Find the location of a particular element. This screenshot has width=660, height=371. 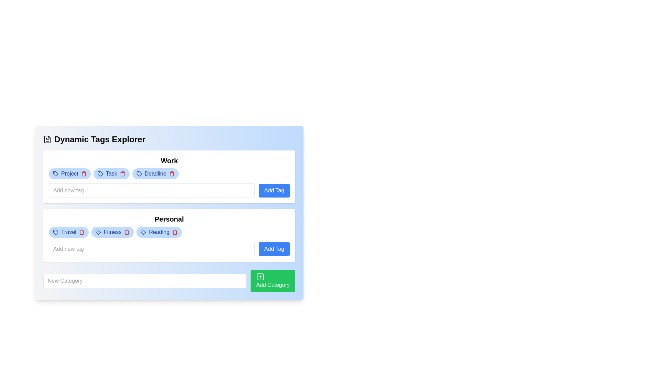

the small tag-like icon with a geometric shape located within the 'Fitness' tag in the 'Personal' section of the interface is located at coordinates (98, 232).